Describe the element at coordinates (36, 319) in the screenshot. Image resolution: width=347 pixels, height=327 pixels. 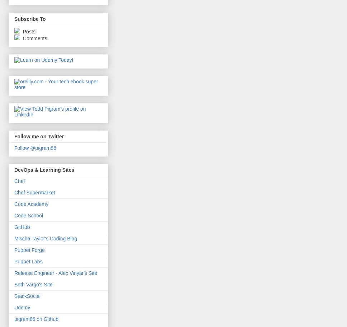
I see `'pigram86 on Github'` at that location.